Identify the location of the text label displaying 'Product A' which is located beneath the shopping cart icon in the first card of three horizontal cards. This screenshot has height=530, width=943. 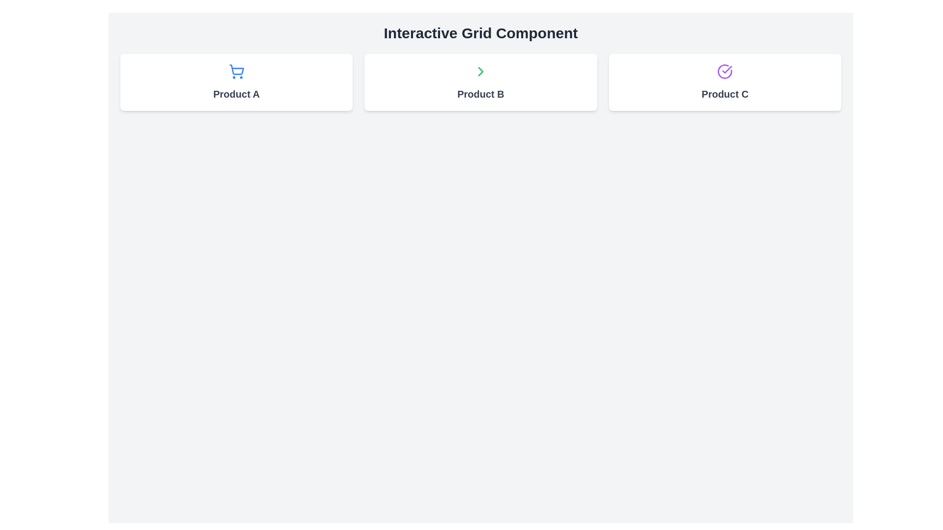
(236, 94).